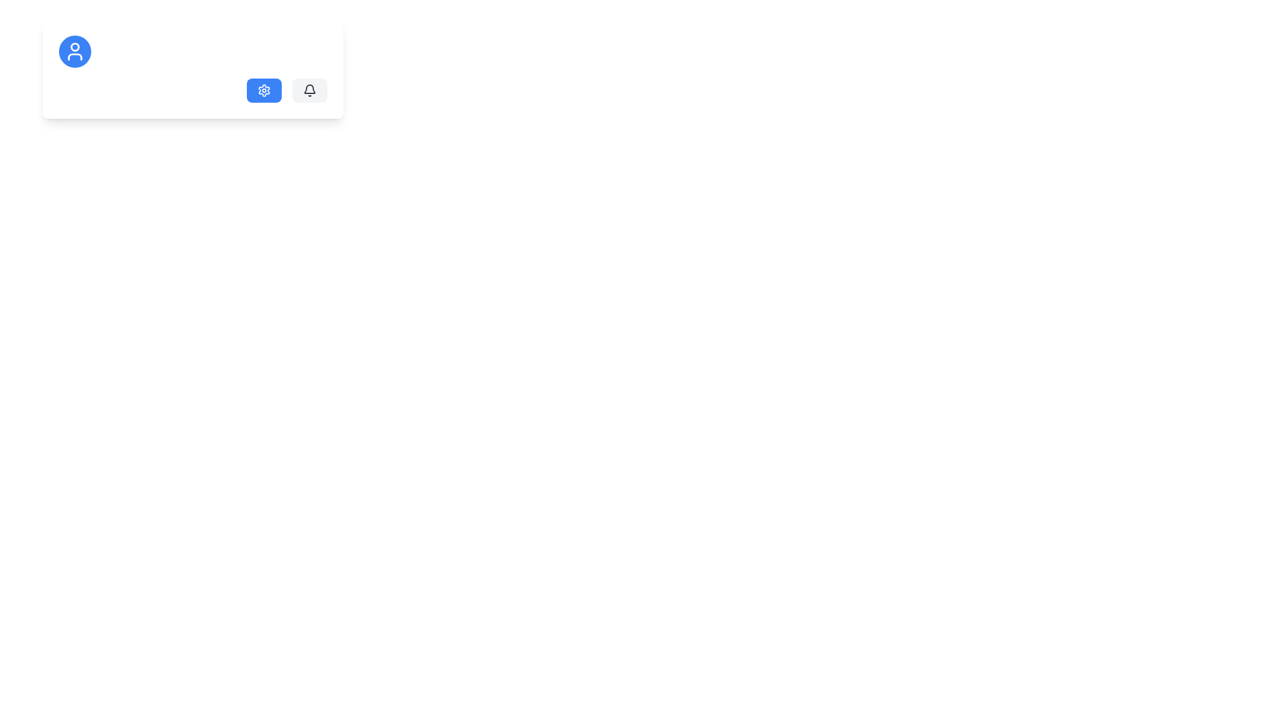 This screenshot has width=1288, height=725. Describe the element at coordinates (309, 89) in the screenshot. I see `the bell curve element of the notification icon, which is the larger curve within the bell icon located at the end of a horizontal row of buttons next to the user avatar` at that location.